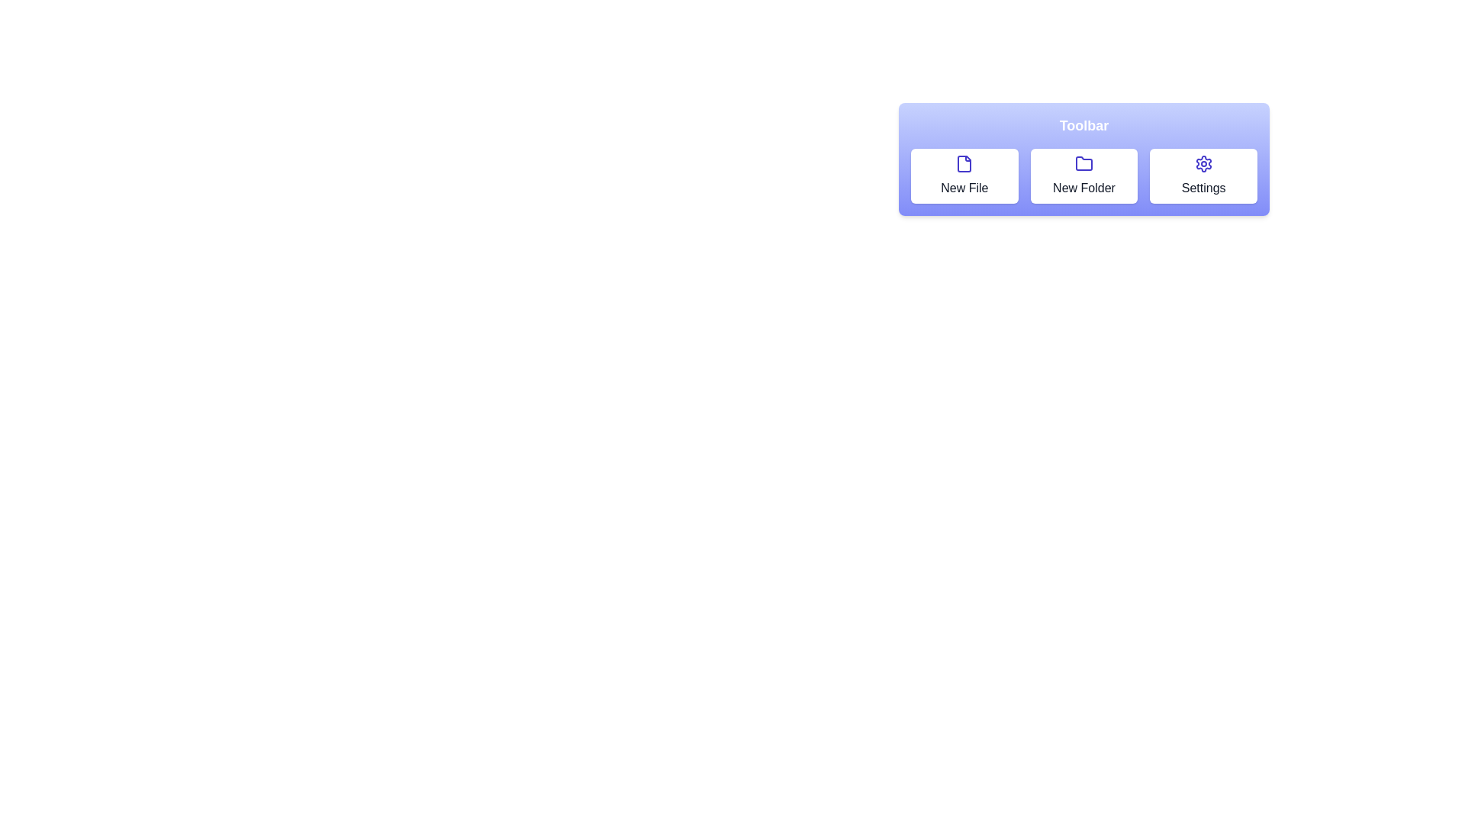  What do you see at coordinates (1203, 175) in the screenshot?
I see `the 'Settings' button located in the upper-right corner of the toolbar` at bounding box center [1203, 175].